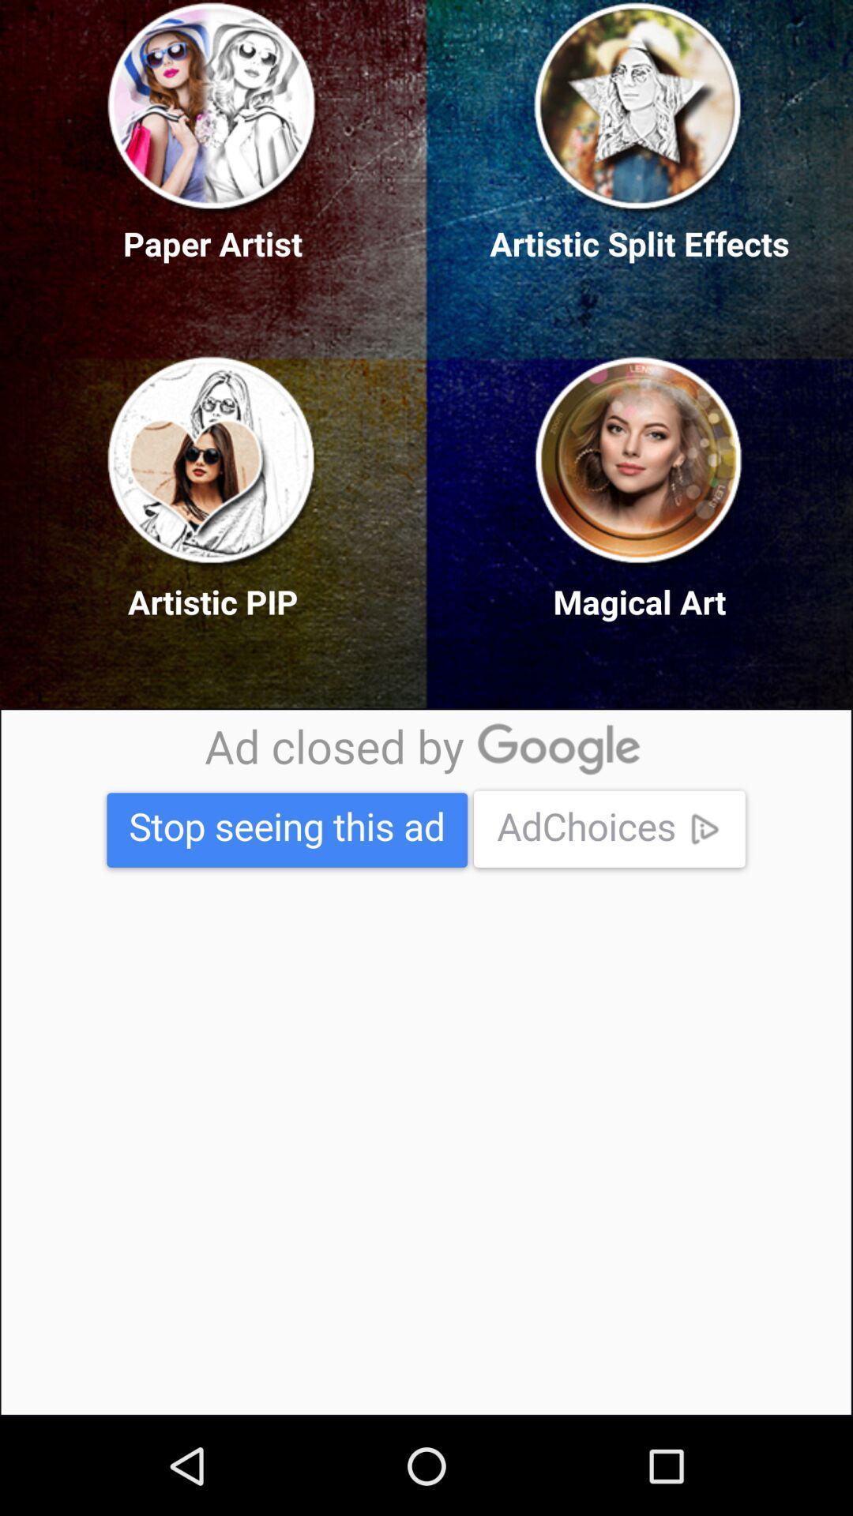 This screenshot has height=1516, width=853. I want to click on advertisement, so click(425, 1062).